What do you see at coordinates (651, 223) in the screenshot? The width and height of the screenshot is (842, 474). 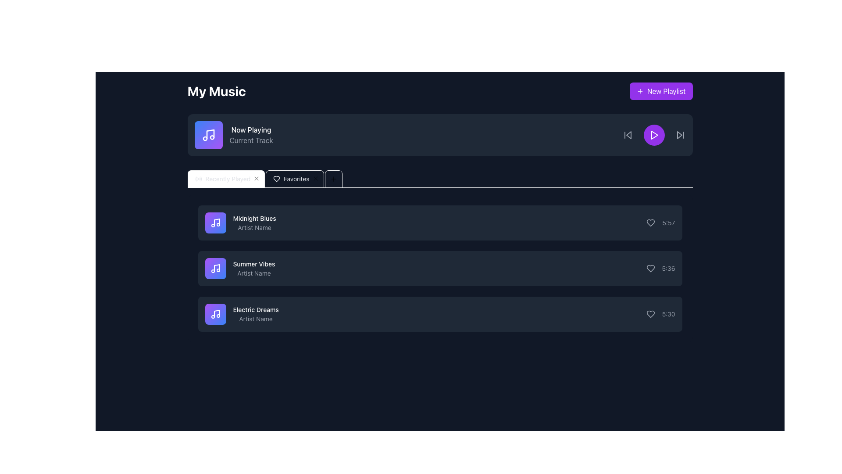 I see `the heart icon button in the middle-right section of the 'Midnight Blues' song entry to mark or unmark the song as a favorite` at bounding box center [651, 223].